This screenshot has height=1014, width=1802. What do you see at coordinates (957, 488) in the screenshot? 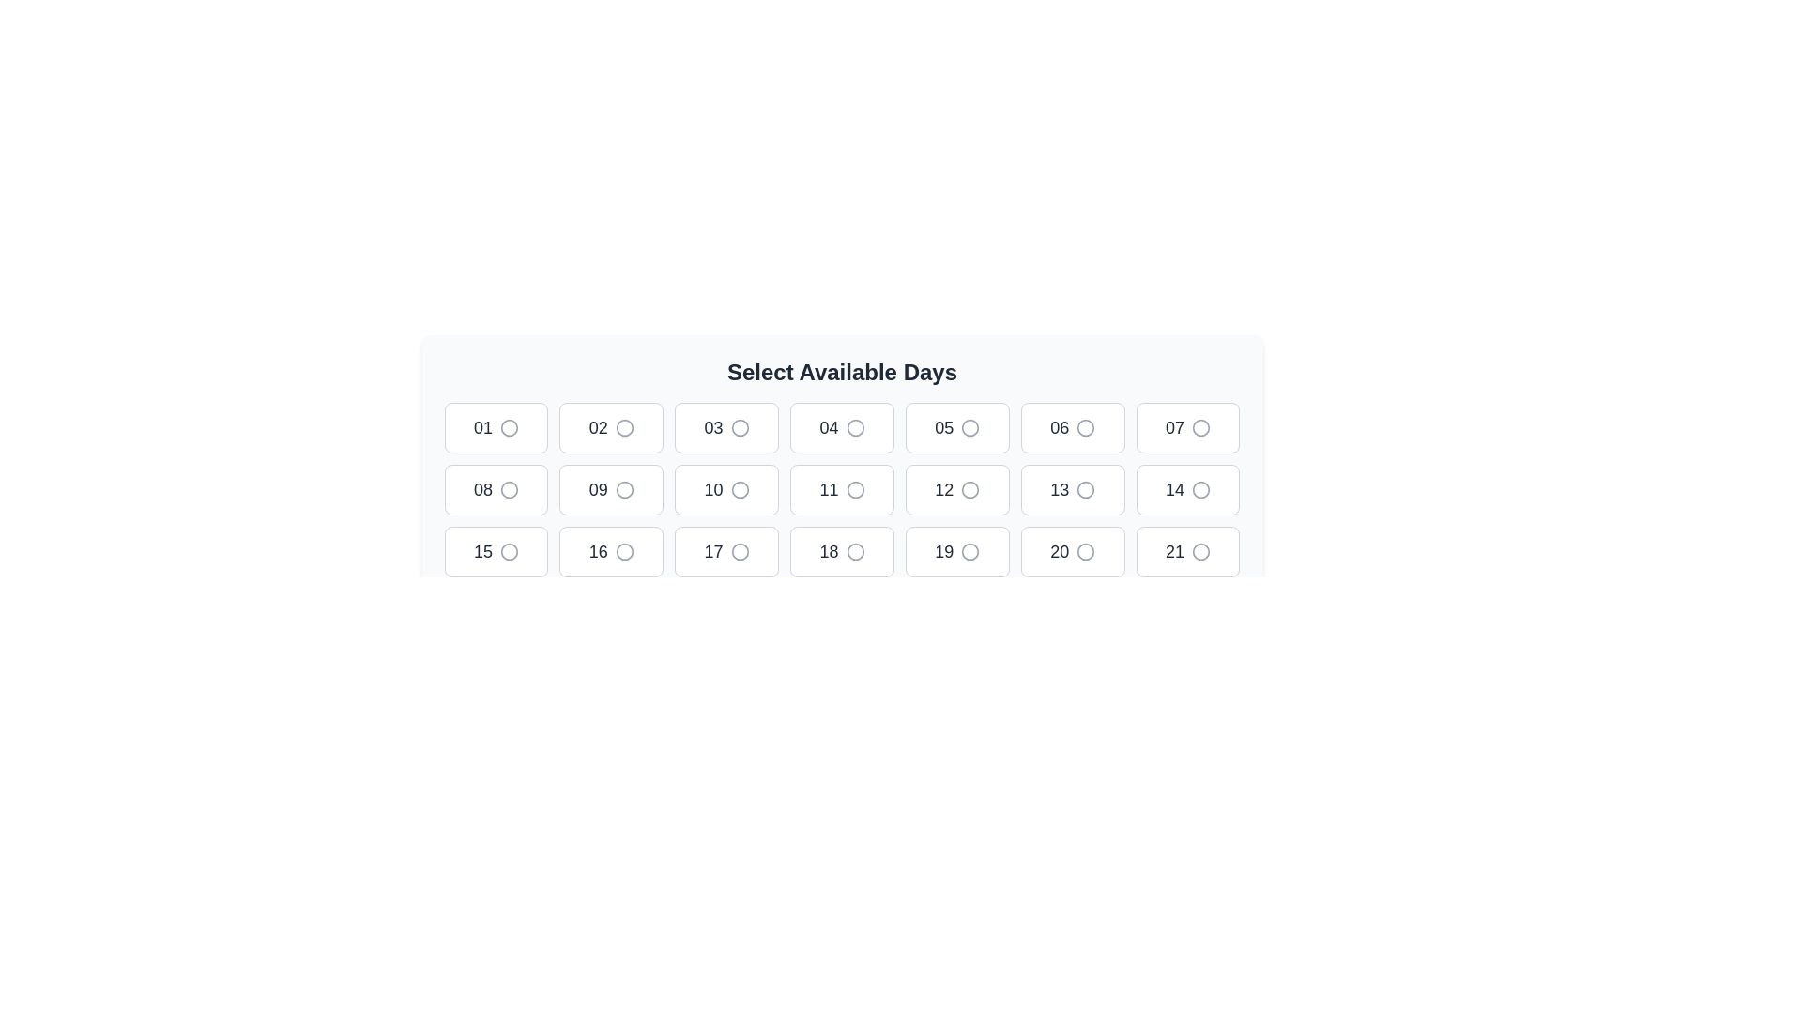
I see `the radio button labeled '12' located` at bounding box center [957, 488].